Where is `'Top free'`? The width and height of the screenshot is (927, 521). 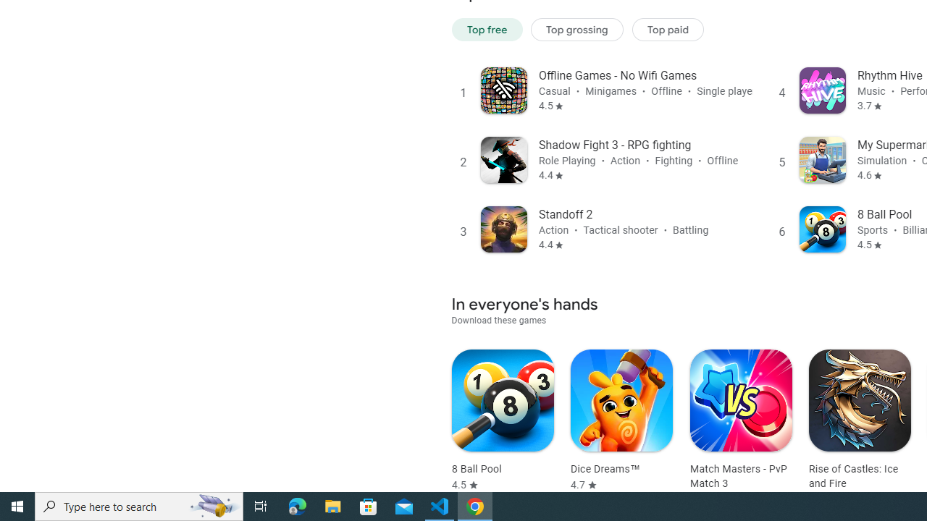 'Top free' is located at coordinates (487, 29).